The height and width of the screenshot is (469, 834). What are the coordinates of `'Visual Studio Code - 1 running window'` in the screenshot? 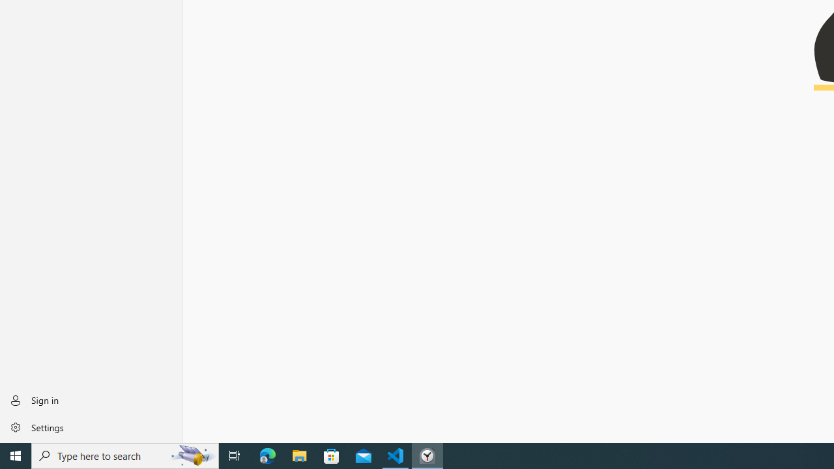 It's located at (395, 455).